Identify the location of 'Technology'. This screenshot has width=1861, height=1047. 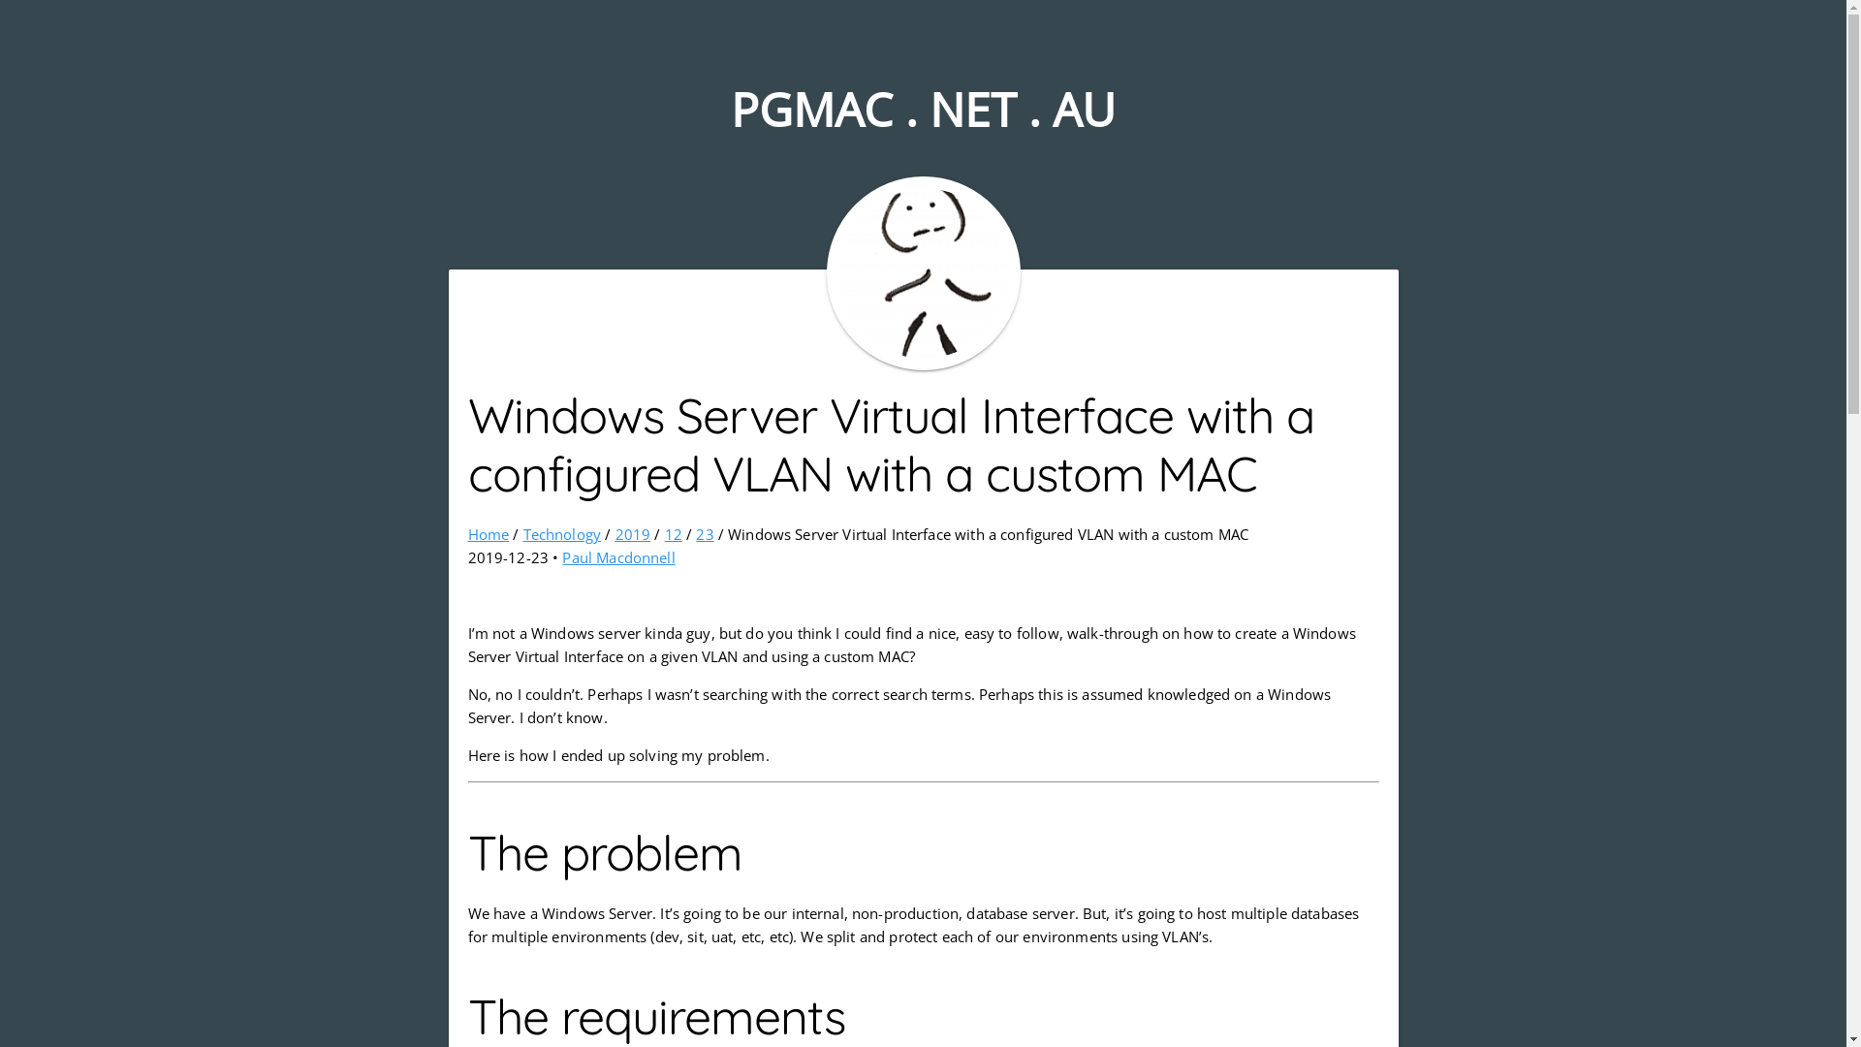
(561, 534).